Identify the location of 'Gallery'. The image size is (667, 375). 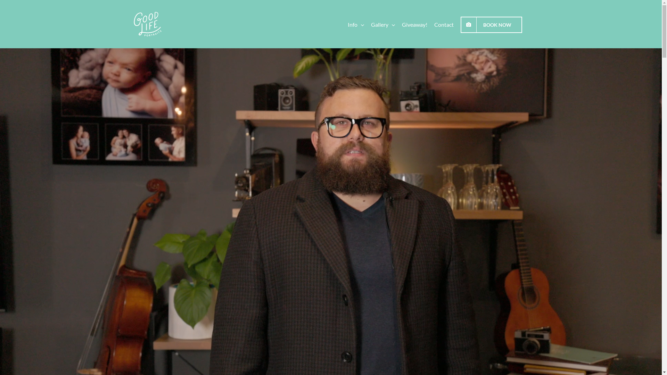
(382, 24).